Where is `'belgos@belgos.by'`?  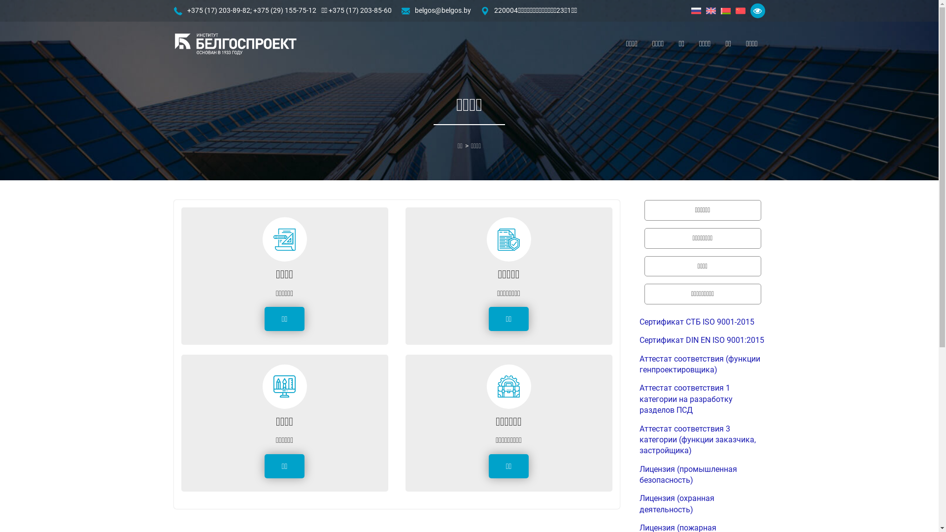
'belgos@belgos.by' is located at coordinates (442, 11).